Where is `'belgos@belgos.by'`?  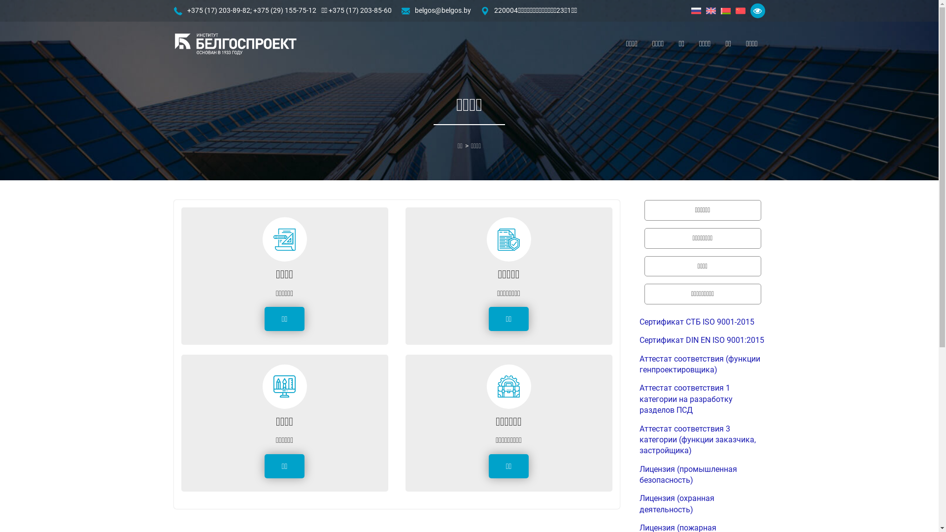
'belgos@belgos.by' is located at coordinates (442, 11).